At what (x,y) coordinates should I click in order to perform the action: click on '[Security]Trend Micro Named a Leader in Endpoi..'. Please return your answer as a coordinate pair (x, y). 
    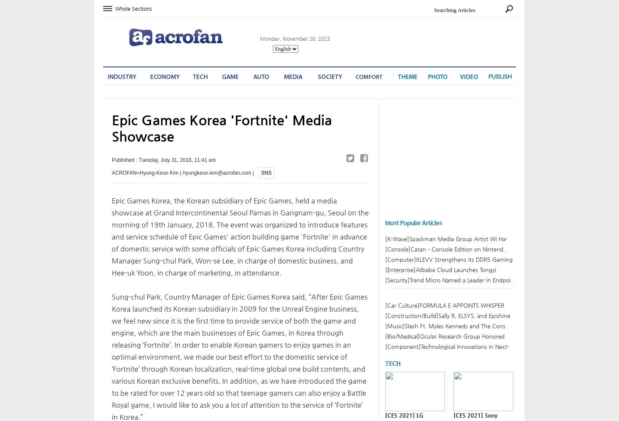
    Looking at the image, I should click on (450, 280).